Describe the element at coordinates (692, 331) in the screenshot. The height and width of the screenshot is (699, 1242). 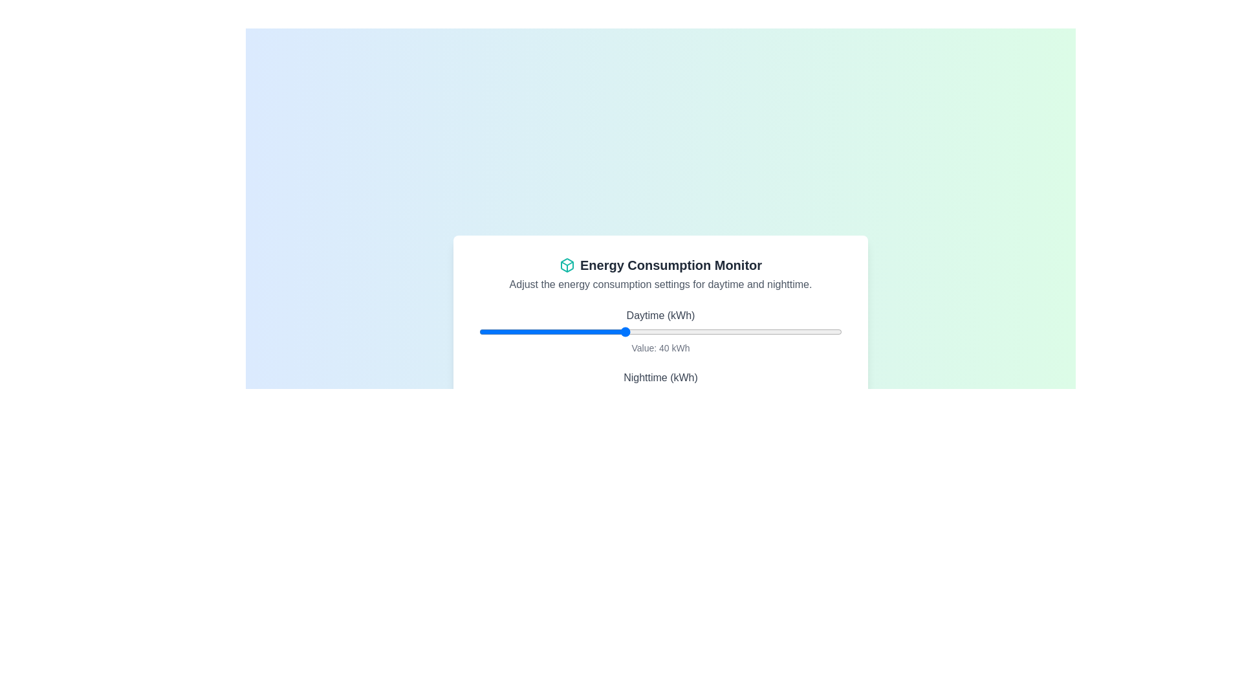
I see `the daytime energy consumption slider to 59 kWh` at that location.